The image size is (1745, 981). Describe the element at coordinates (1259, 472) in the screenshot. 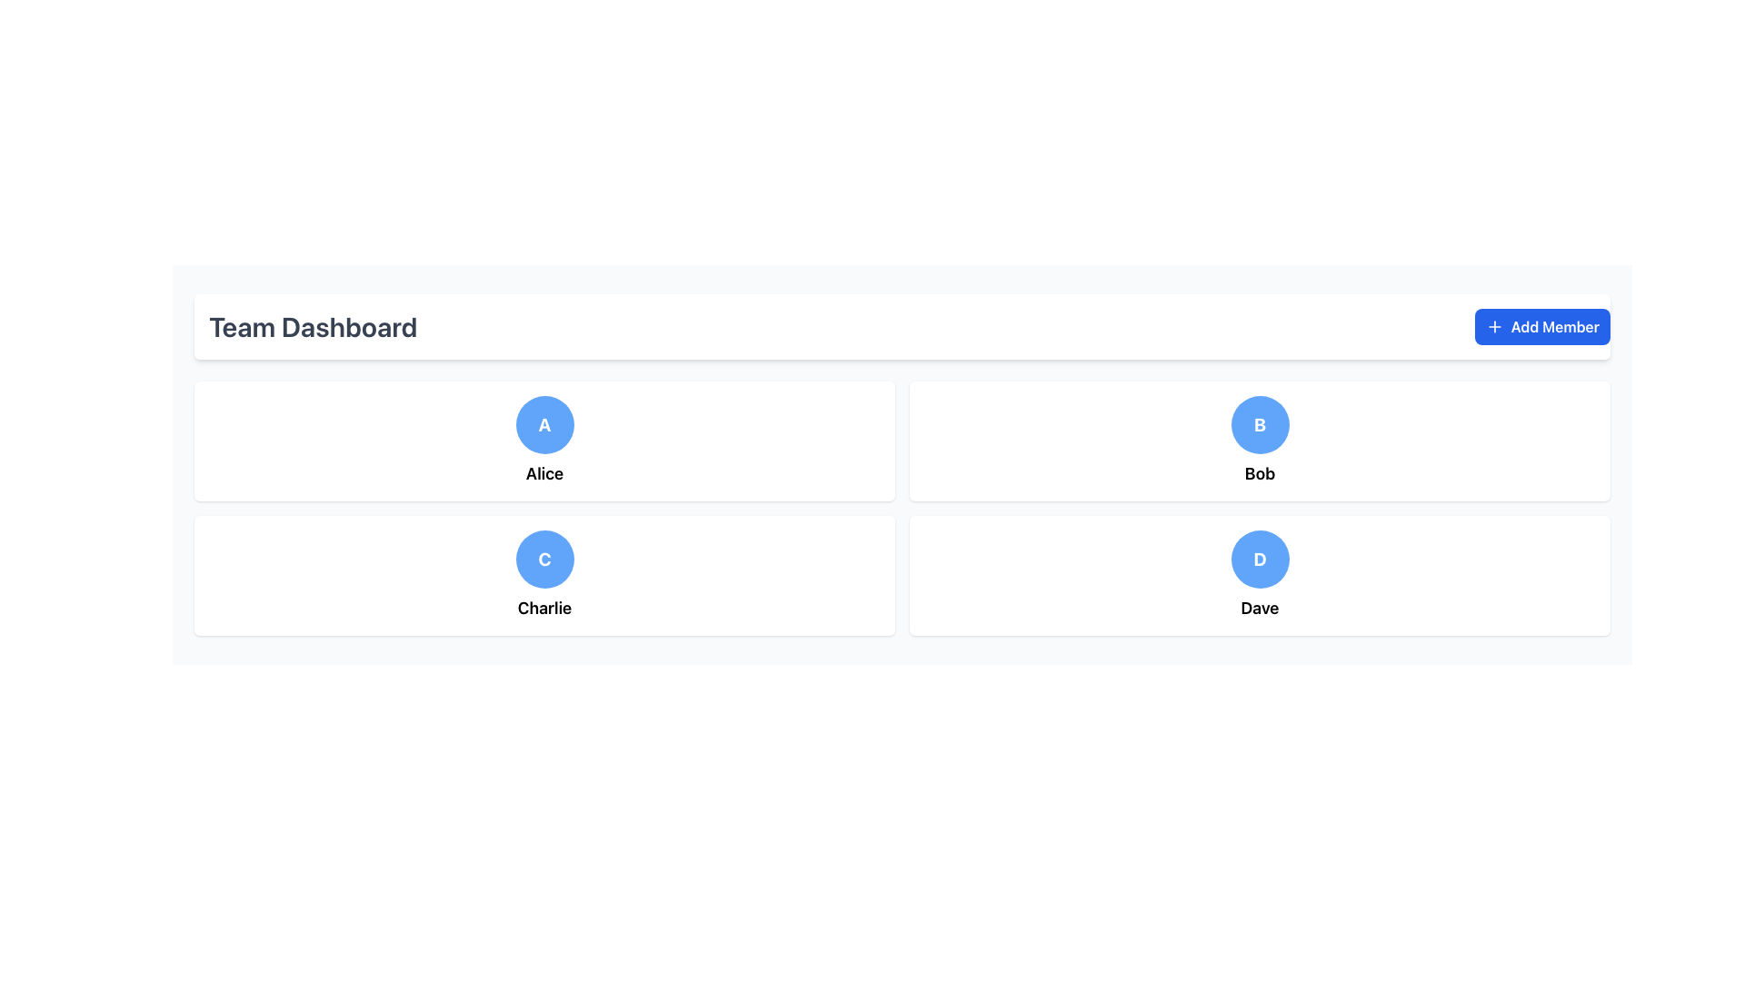

I see `the Text Label displaying the name 'Bob' which is styled in bold black font and located below a circular blue icon with the letter 'B'` at that location.